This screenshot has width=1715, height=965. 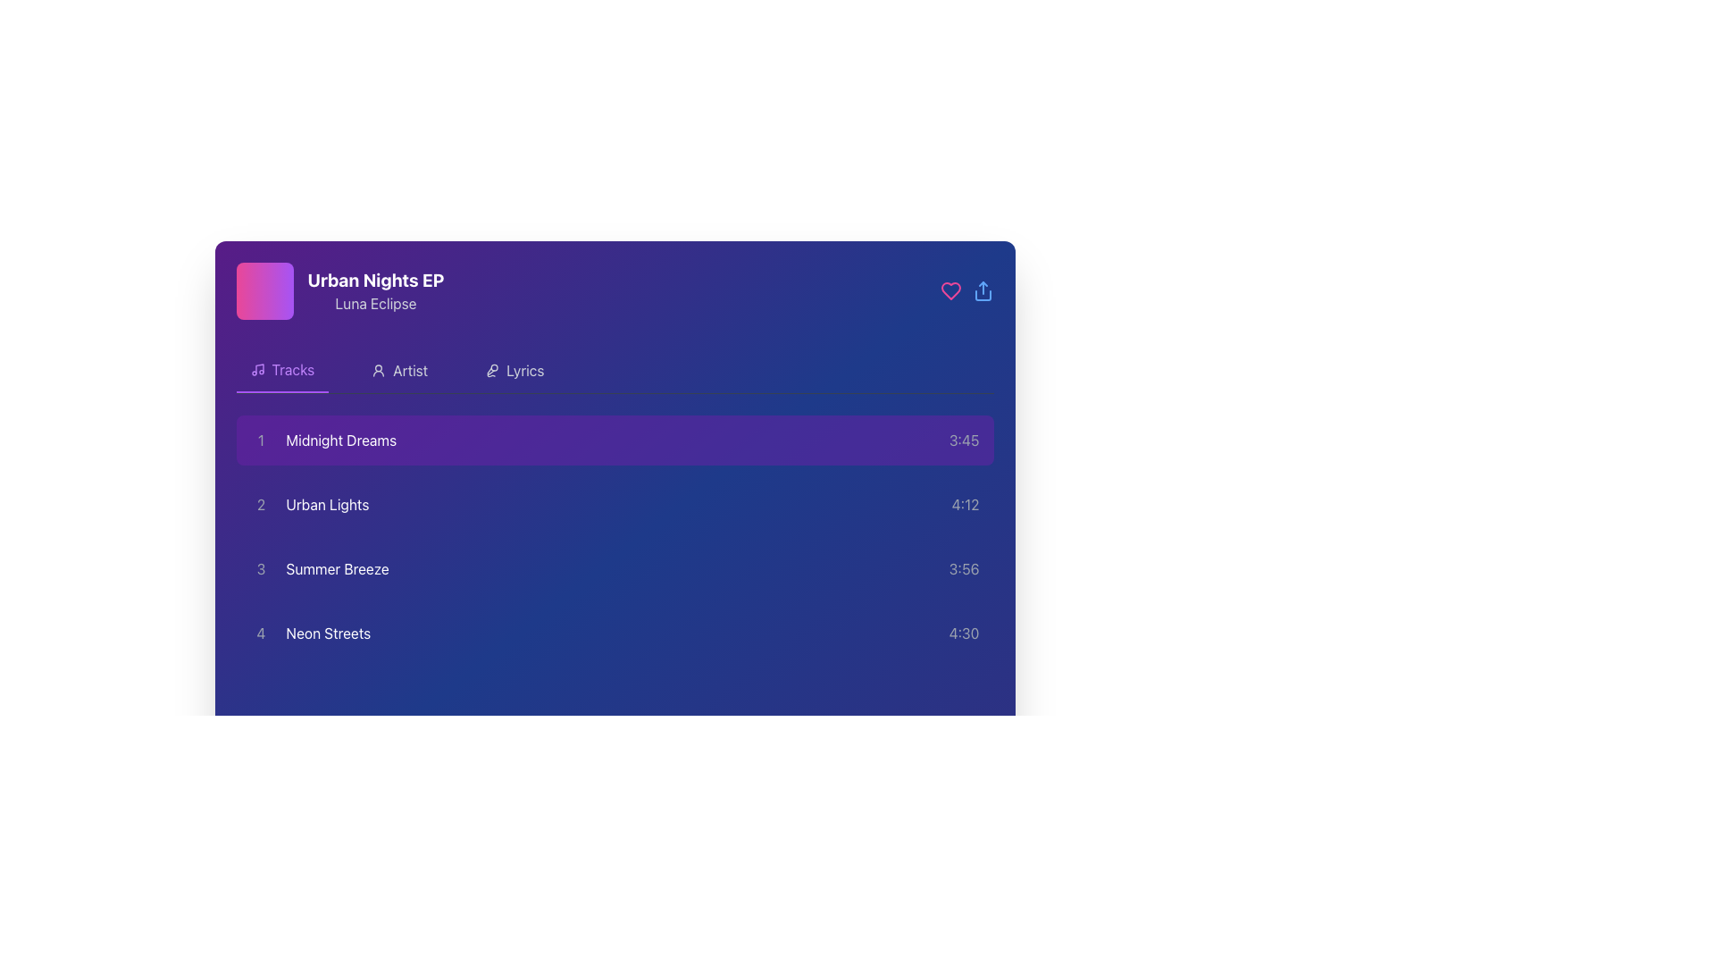 What do you see at coordinates (615, 568) in the screenshot?
I see `the third item in the vertical playlist list, which represents a media track` at bounding box center [615, 568].